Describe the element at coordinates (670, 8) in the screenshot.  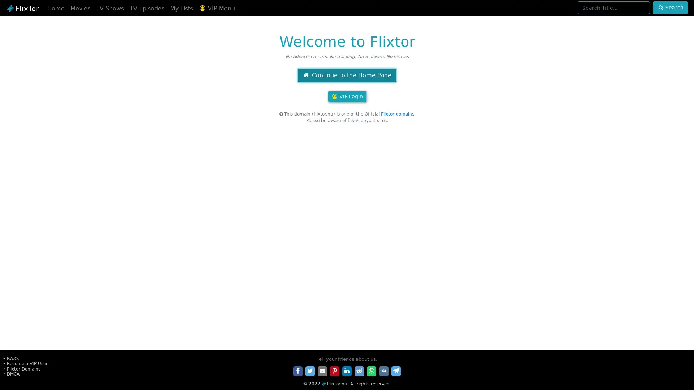
I see `Search` at that location.